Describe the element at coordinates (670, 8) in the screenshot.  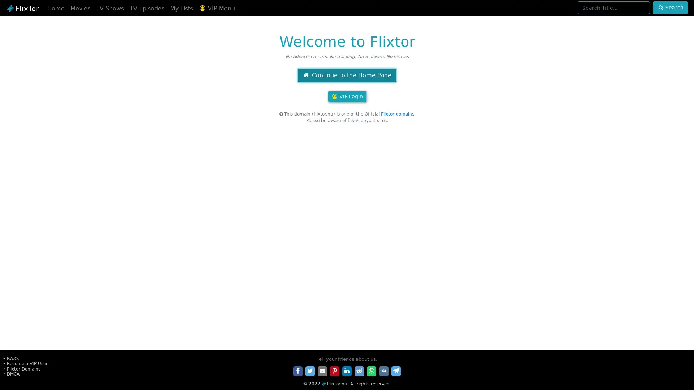
I see `Search` at that location.